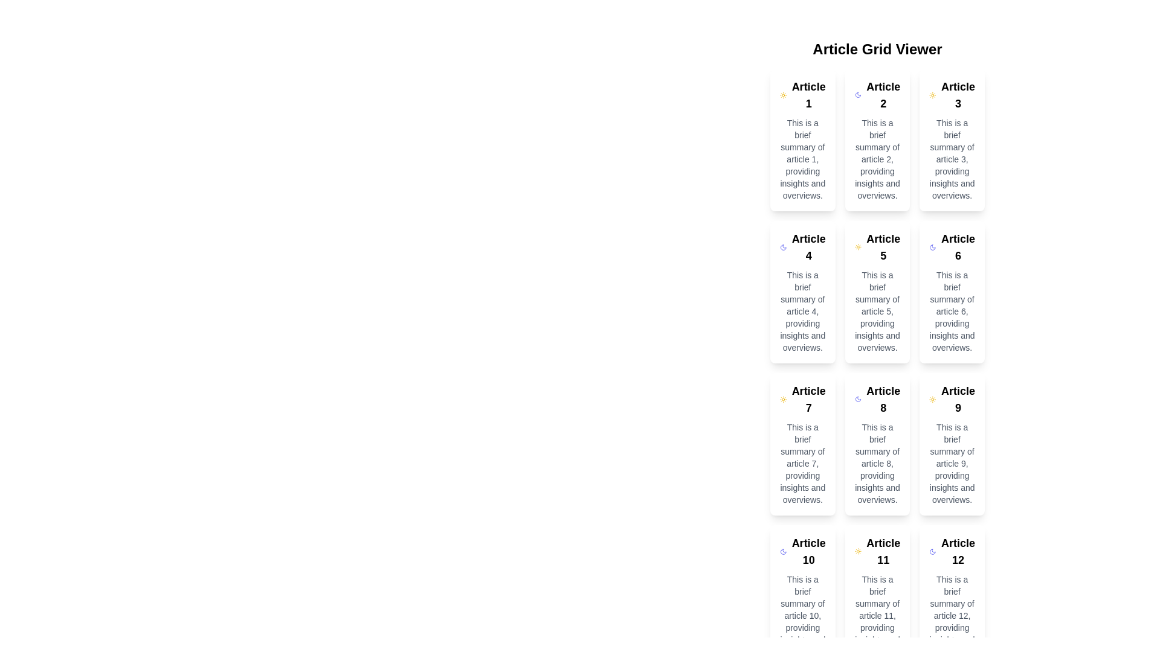  Describe the element at coordinates (808, 552) in the screenshot. I see `the bold text label displaying 'Article 10', which is the headline of a card-like section in the fourth row and first column of the grid layout` at that location.